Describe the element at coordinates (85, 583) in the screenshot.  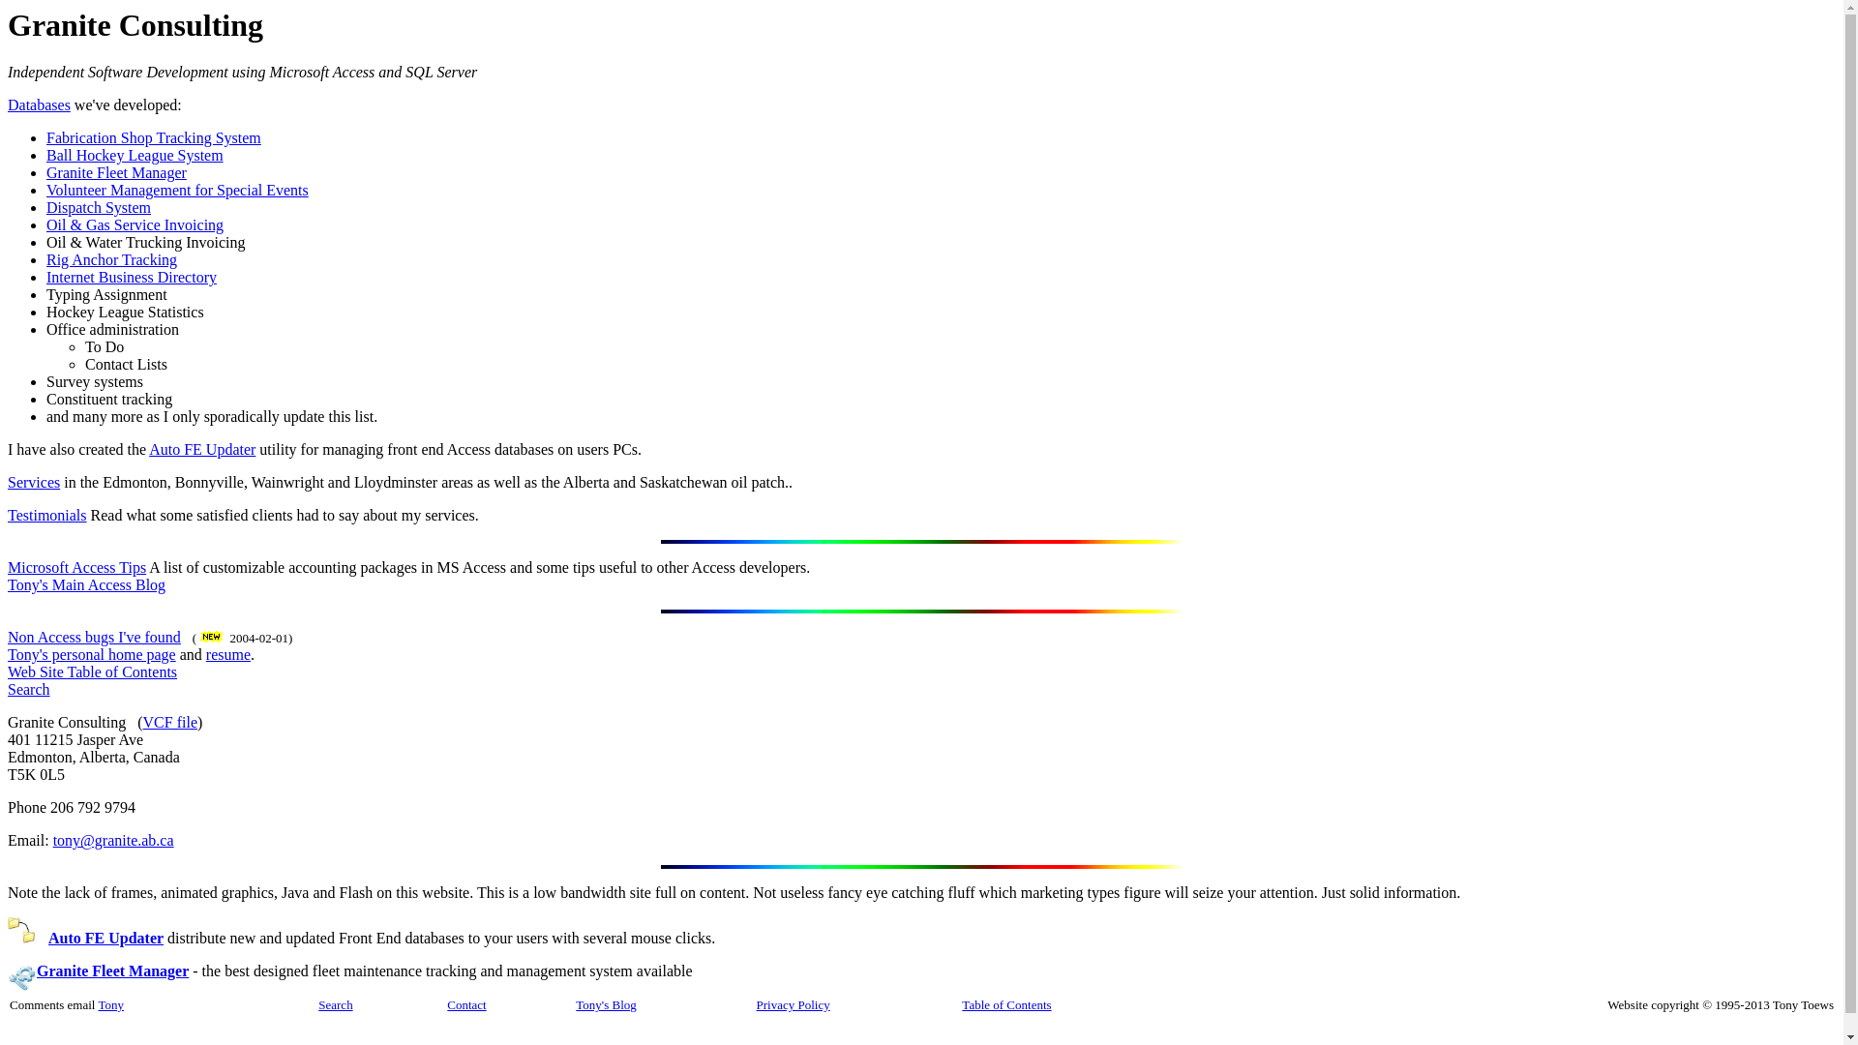
I see `'Tony's Main Access Blog'` at that location.